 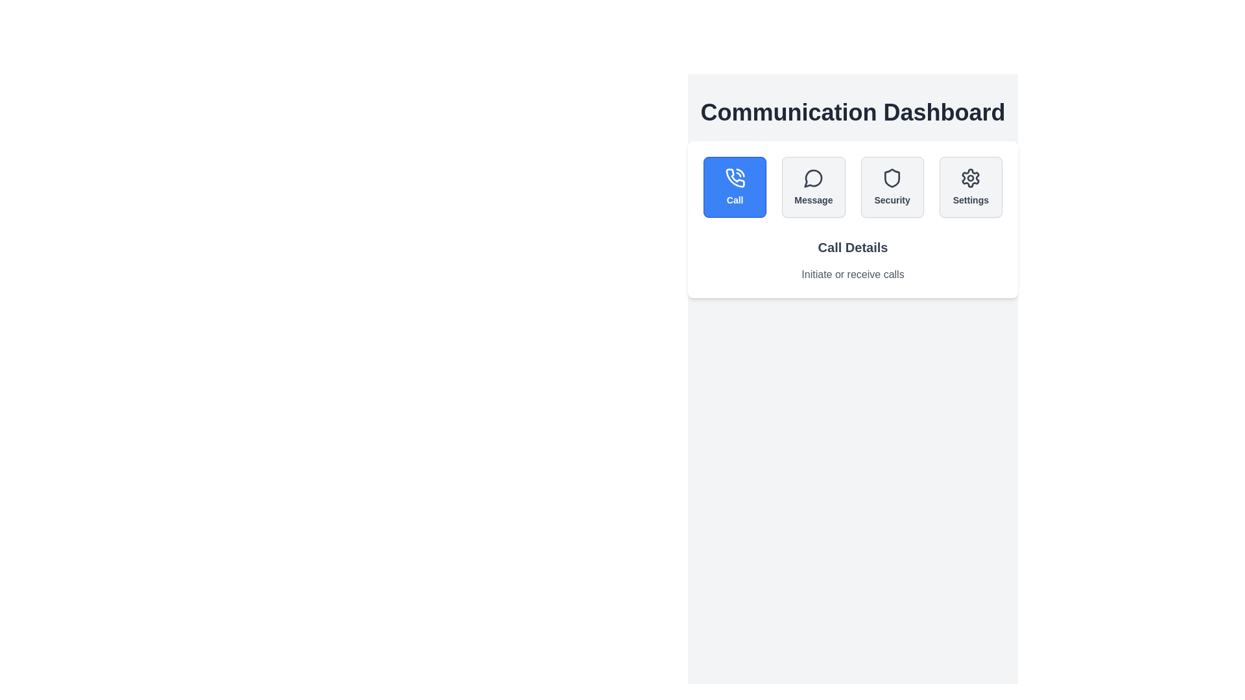 I want to click on the 'Message' button, which is a rounded rectangular button with a light gray background and a speech bubble icon above the label, so click(x=812, y=187).